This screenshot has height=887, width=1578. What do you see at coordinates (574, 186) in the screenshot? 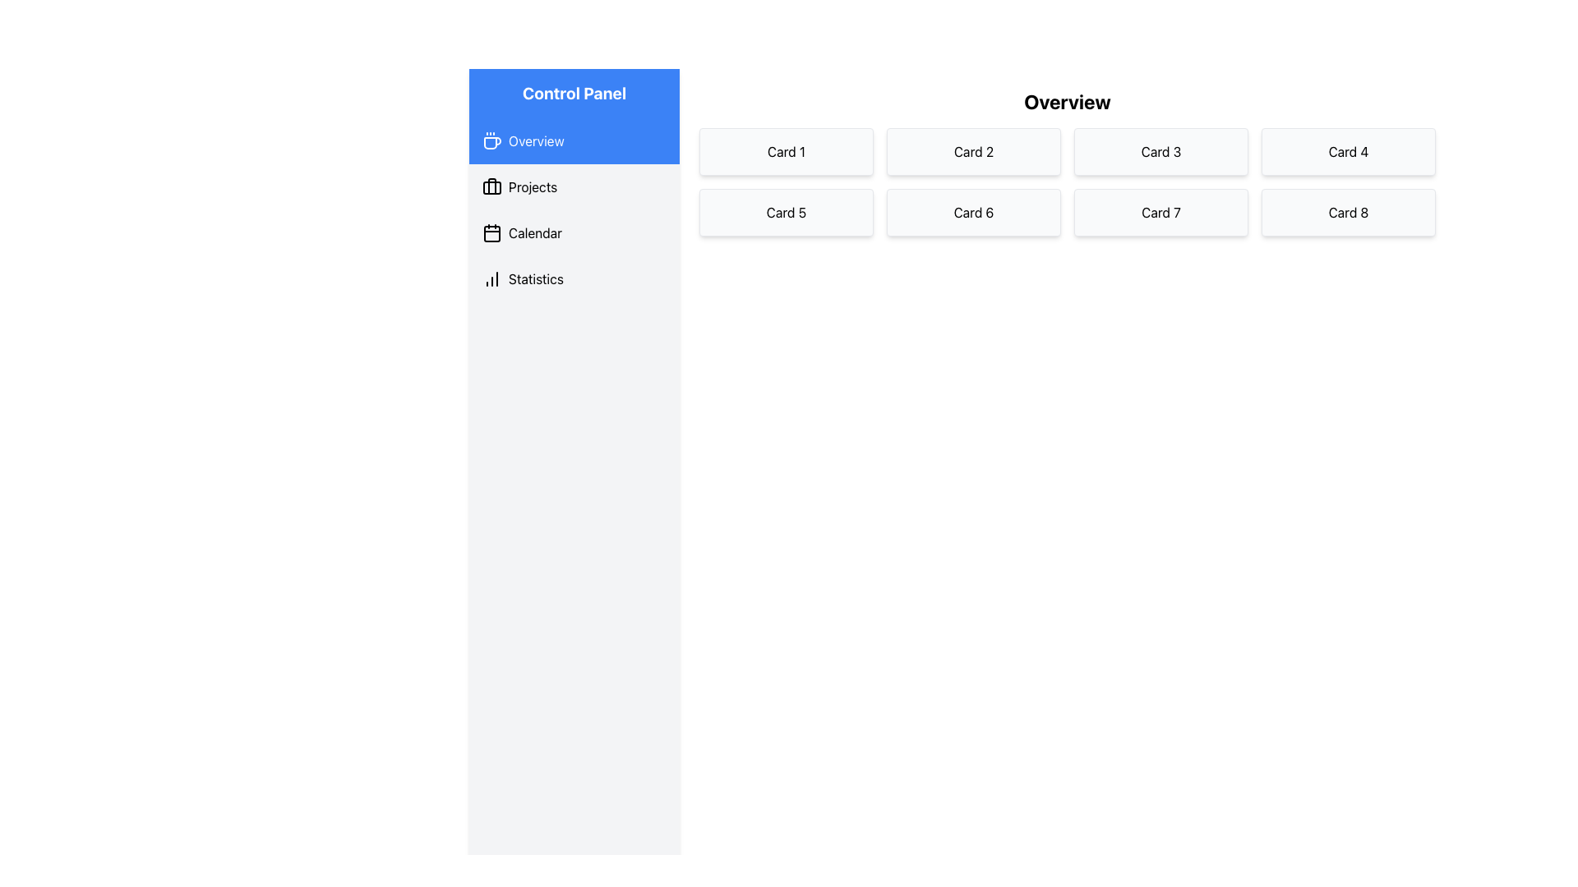
I see `the 'Projects' navigation menu item` at bounding box center [574, 186].